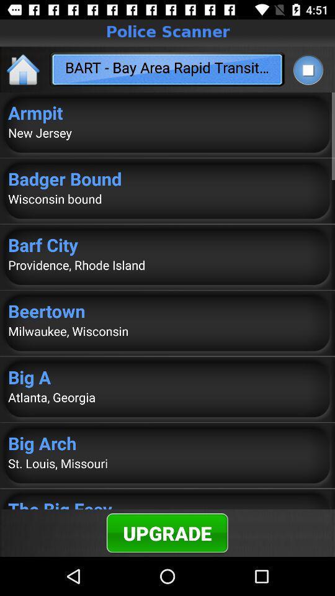 The image size is (335, 596). I want to click on badger bound, so click(167, 178).